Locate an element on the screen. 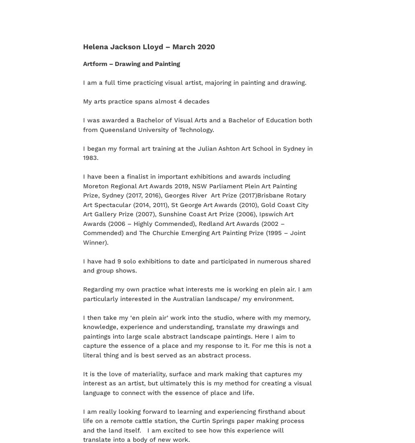 The width and height of the screenshot is (415, 443). 'Helena Jackson Lloyd – March 2020' is located at coordinates (82, 46).